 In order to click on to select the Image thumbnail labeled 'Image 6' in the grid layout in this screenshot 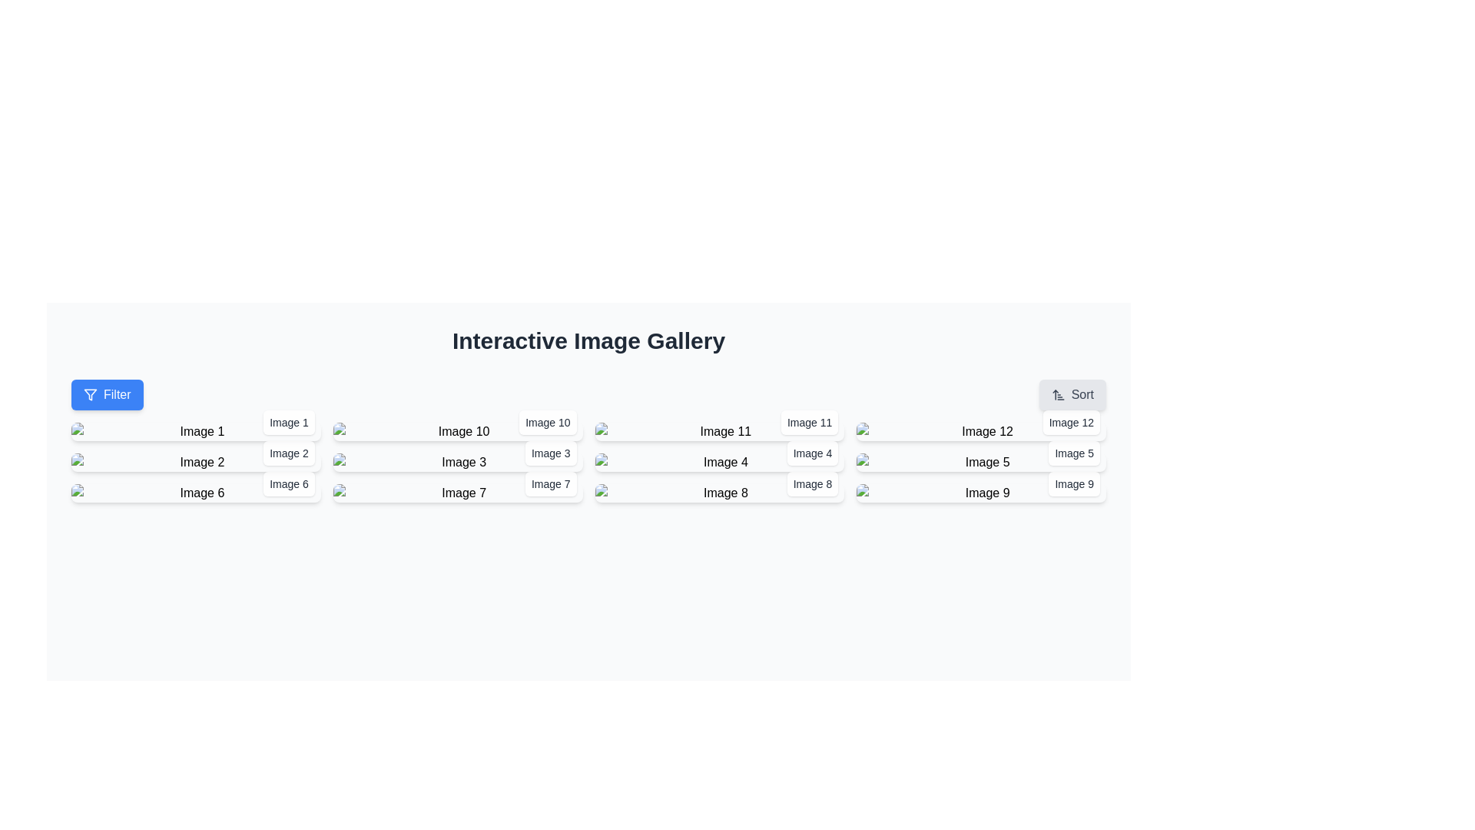, I will do `click(195, 493)`.